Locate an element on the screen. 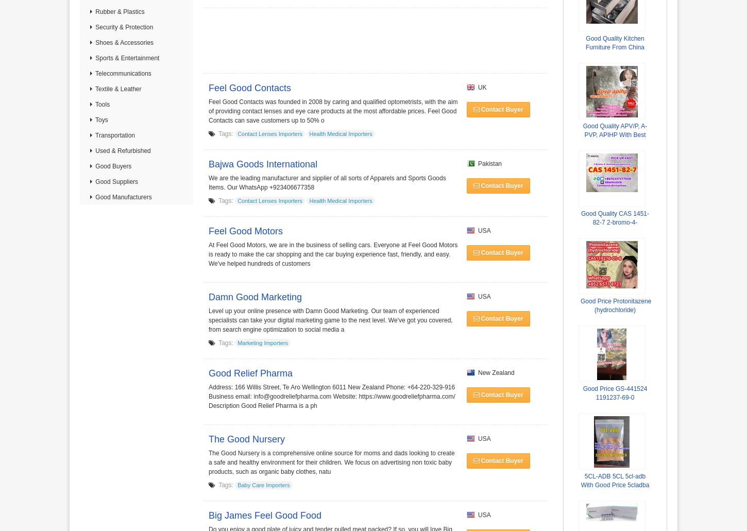 The image size is (747, 531). 'Marketing Importers' is located at coordinates (236, 343).